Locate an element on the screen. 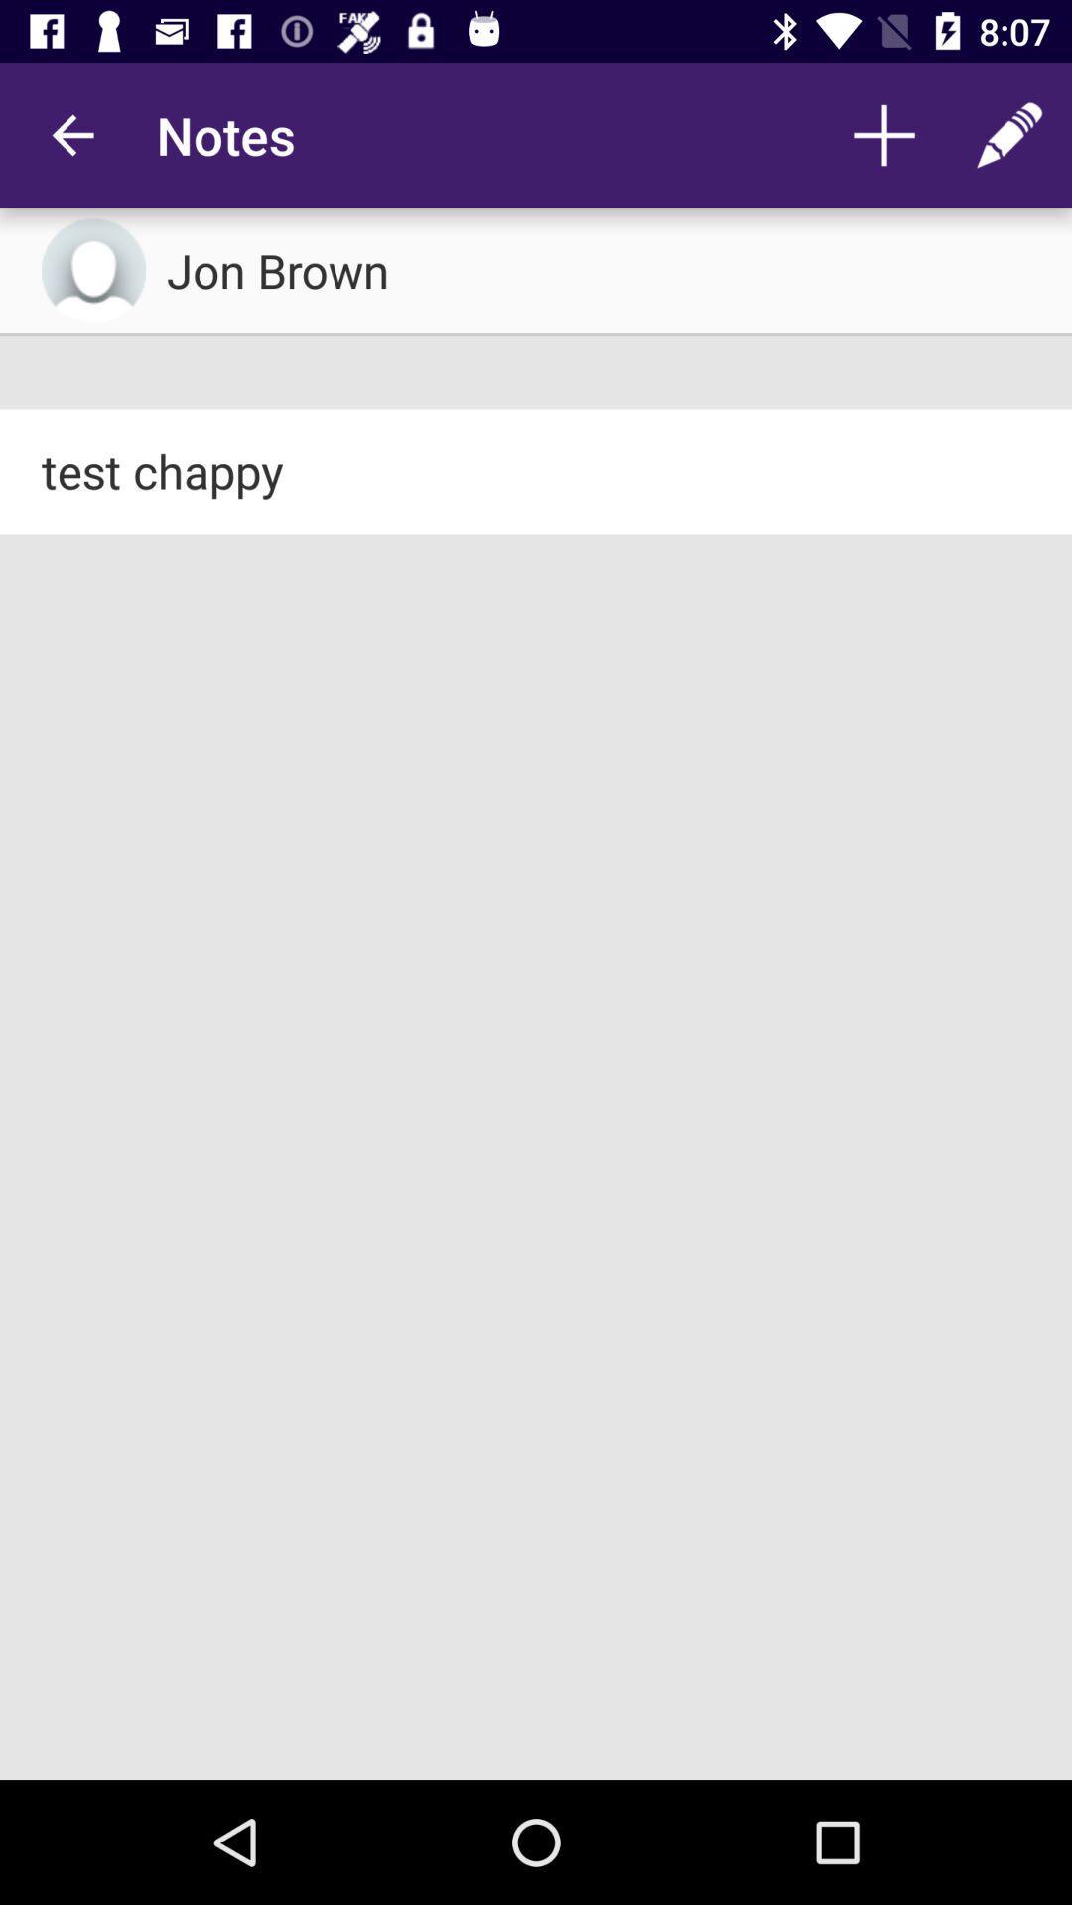  the icon to the right of the notes item is located at coordinates (883, 134).